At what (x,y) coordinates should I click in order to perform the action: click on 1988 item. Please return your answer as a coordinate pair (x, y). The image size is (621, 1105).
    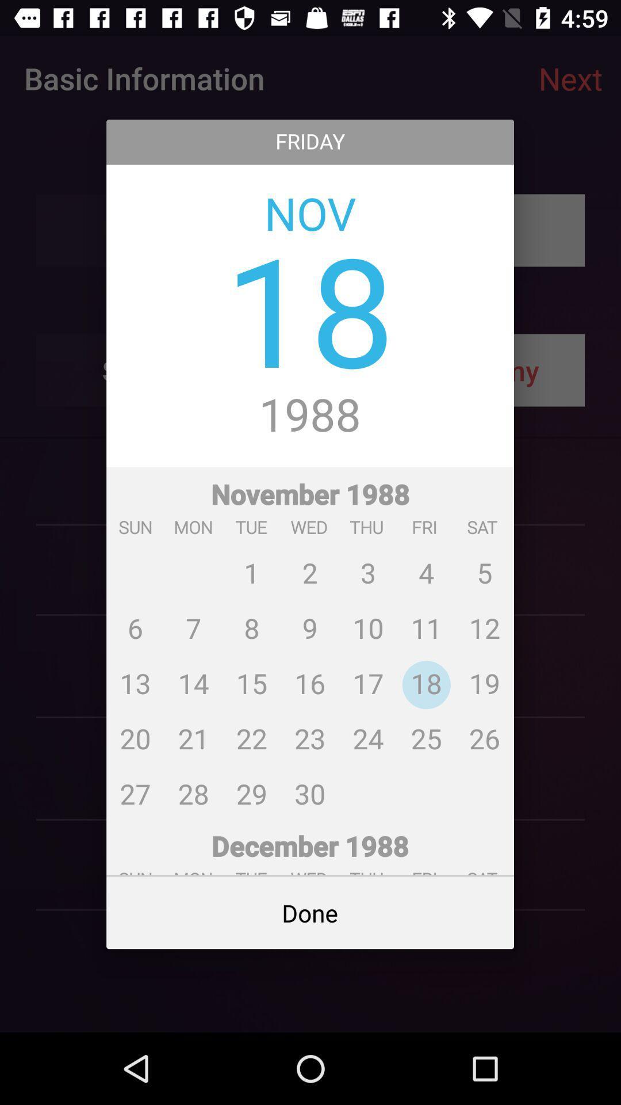
    Looking at the image, I should click on (309, 416).